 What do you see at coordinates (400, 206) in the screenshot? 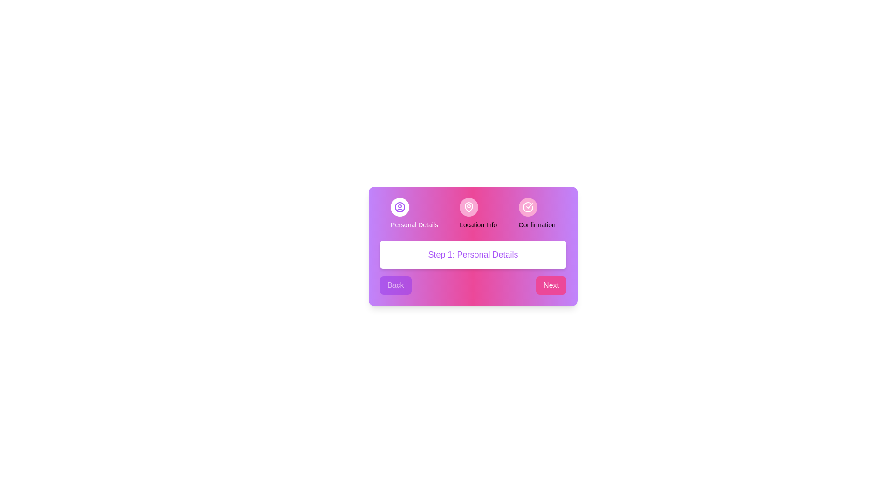
I see `the step indicator corresponding to Personal Details to view its information` at bounding box center [400, 206].